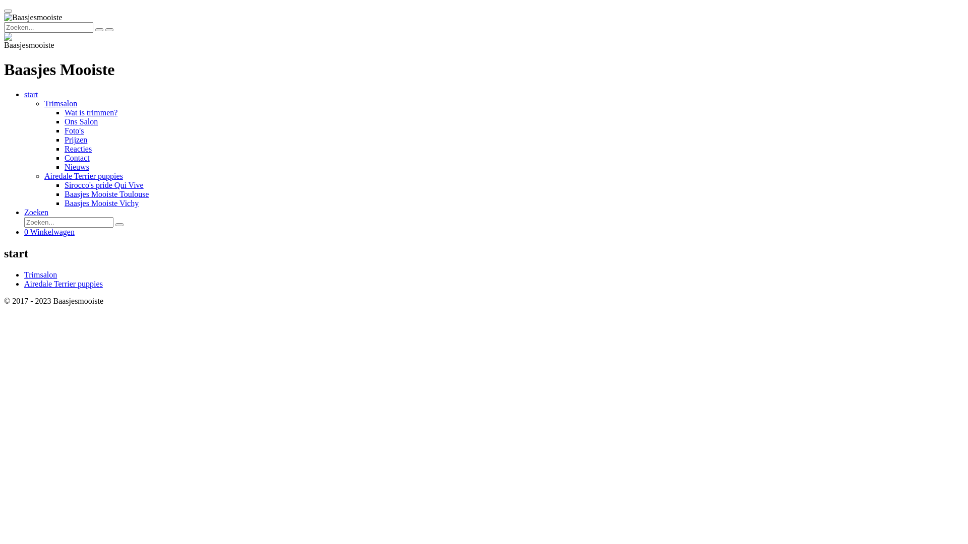 This screenshot has height=544, width=968. Describe the element at coordinates (31, 94) in the screenshot. I see `'start'` at that location.